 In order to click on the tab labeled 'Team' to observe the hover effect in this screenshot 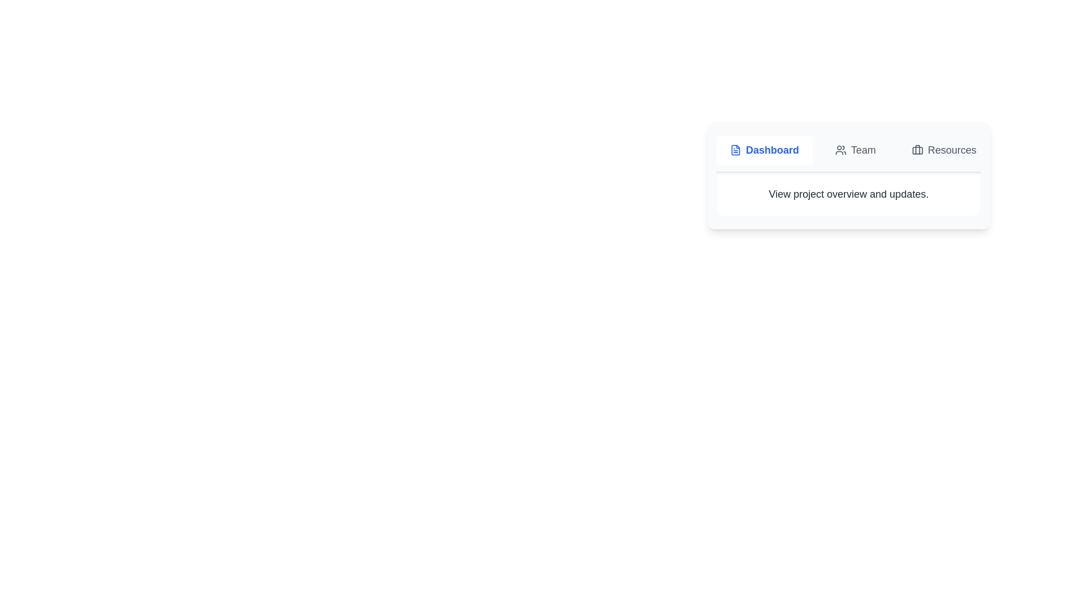, I will do `click(855, 150)`.